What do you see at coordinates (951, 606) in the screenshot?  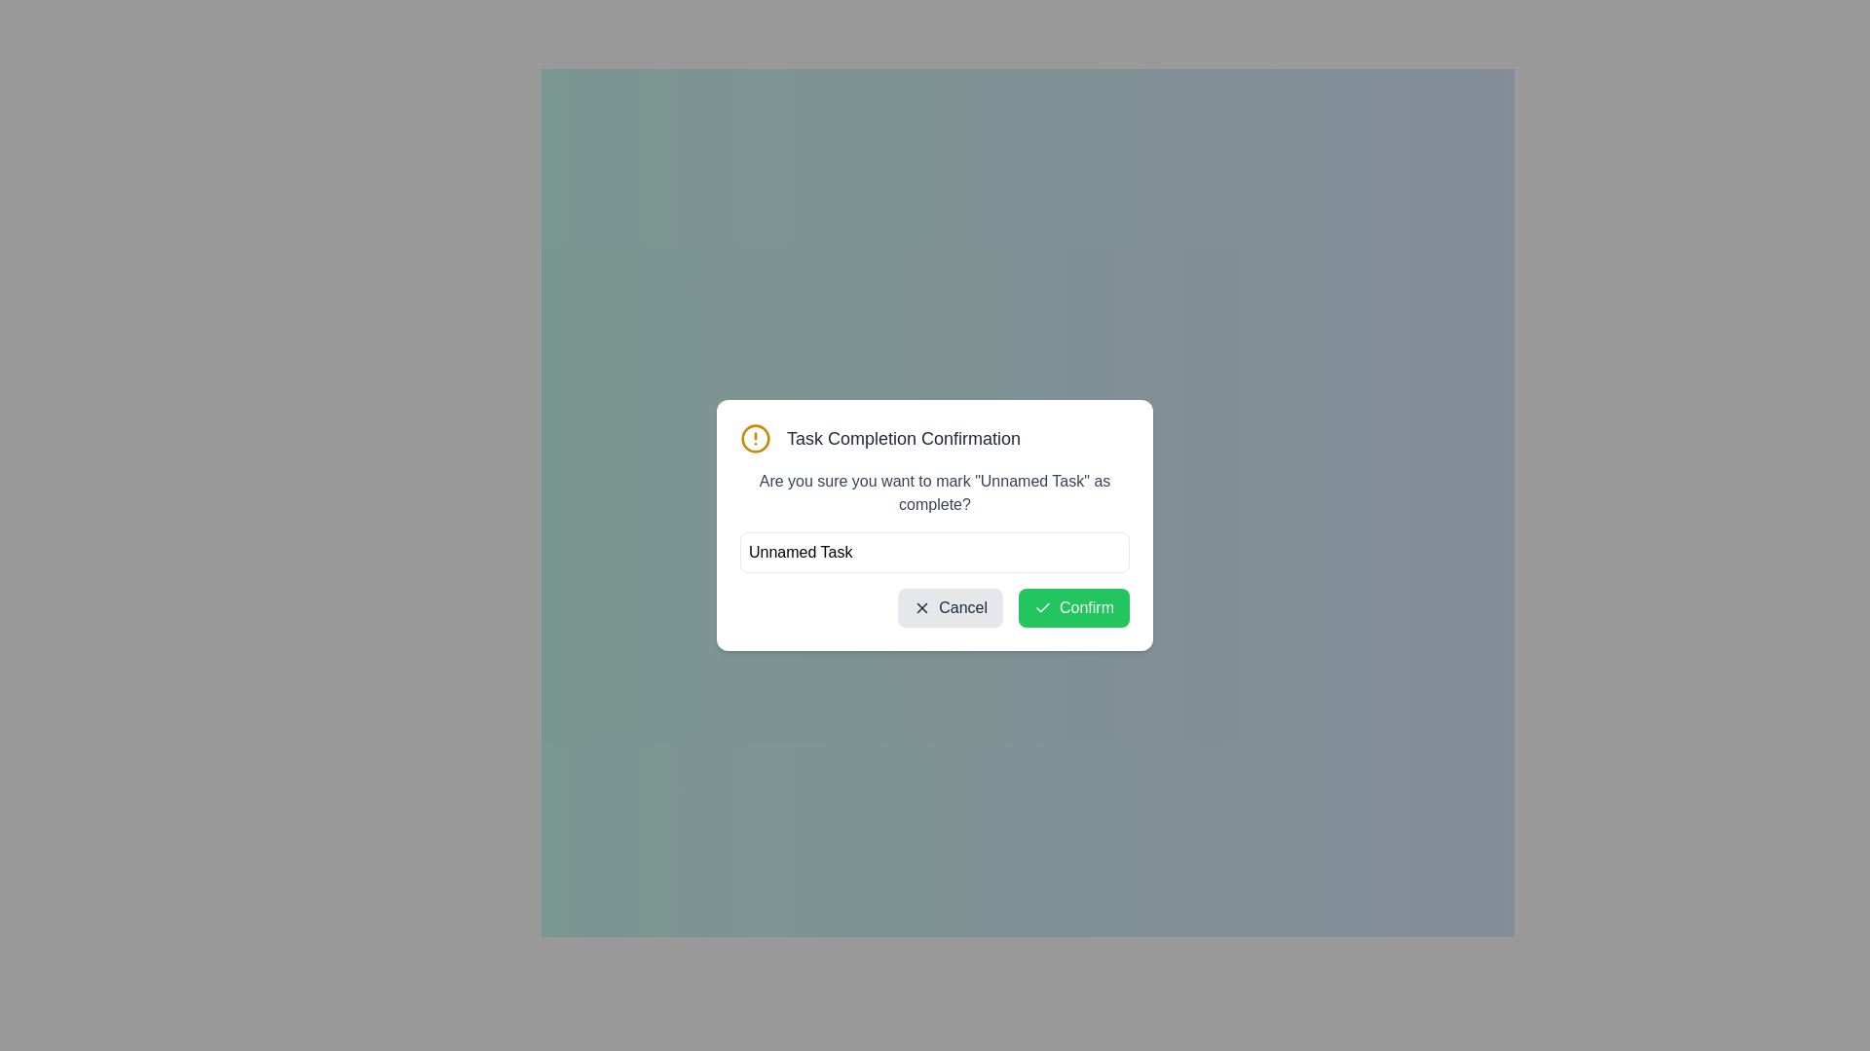 I see `the 'Cancel' button with a light gray background and rounded corners in the footer section of the modal dialog` at bounding box center [951, 606].